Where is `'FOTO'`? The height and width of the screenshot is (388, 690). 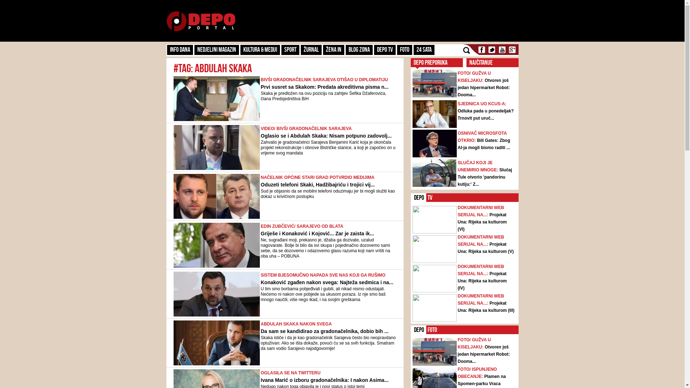
'FOTO' is located at coordinates (404, 49).